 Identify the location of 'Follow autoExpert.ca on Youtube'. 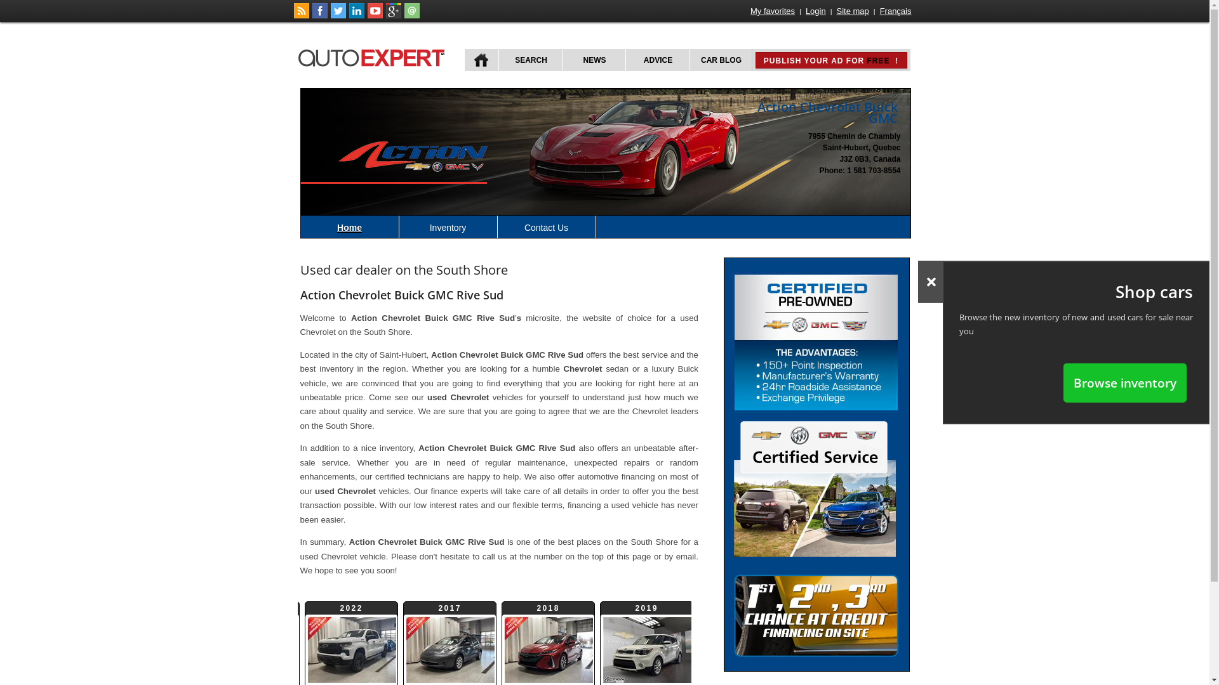
(374, 15).